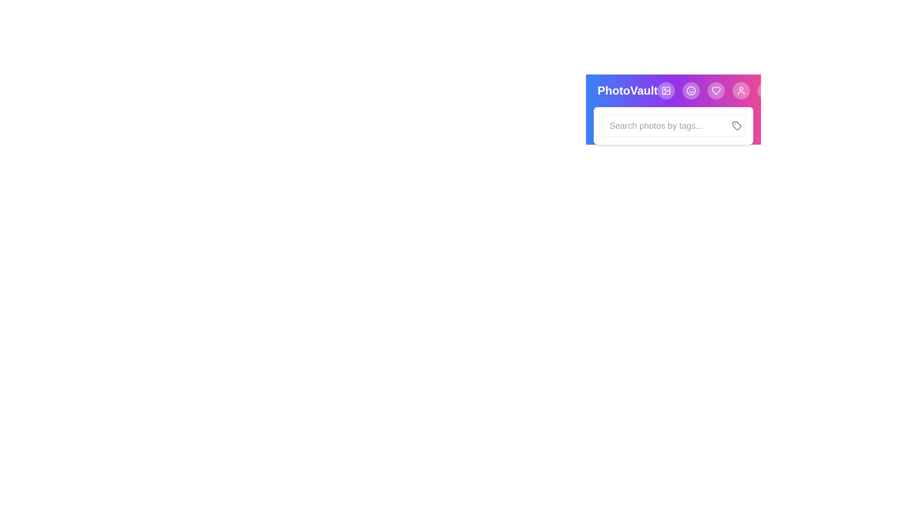 The width and height of the screenshot is (923, 519). I want to click on button to toggle the search box visibility, so click(757, 81).